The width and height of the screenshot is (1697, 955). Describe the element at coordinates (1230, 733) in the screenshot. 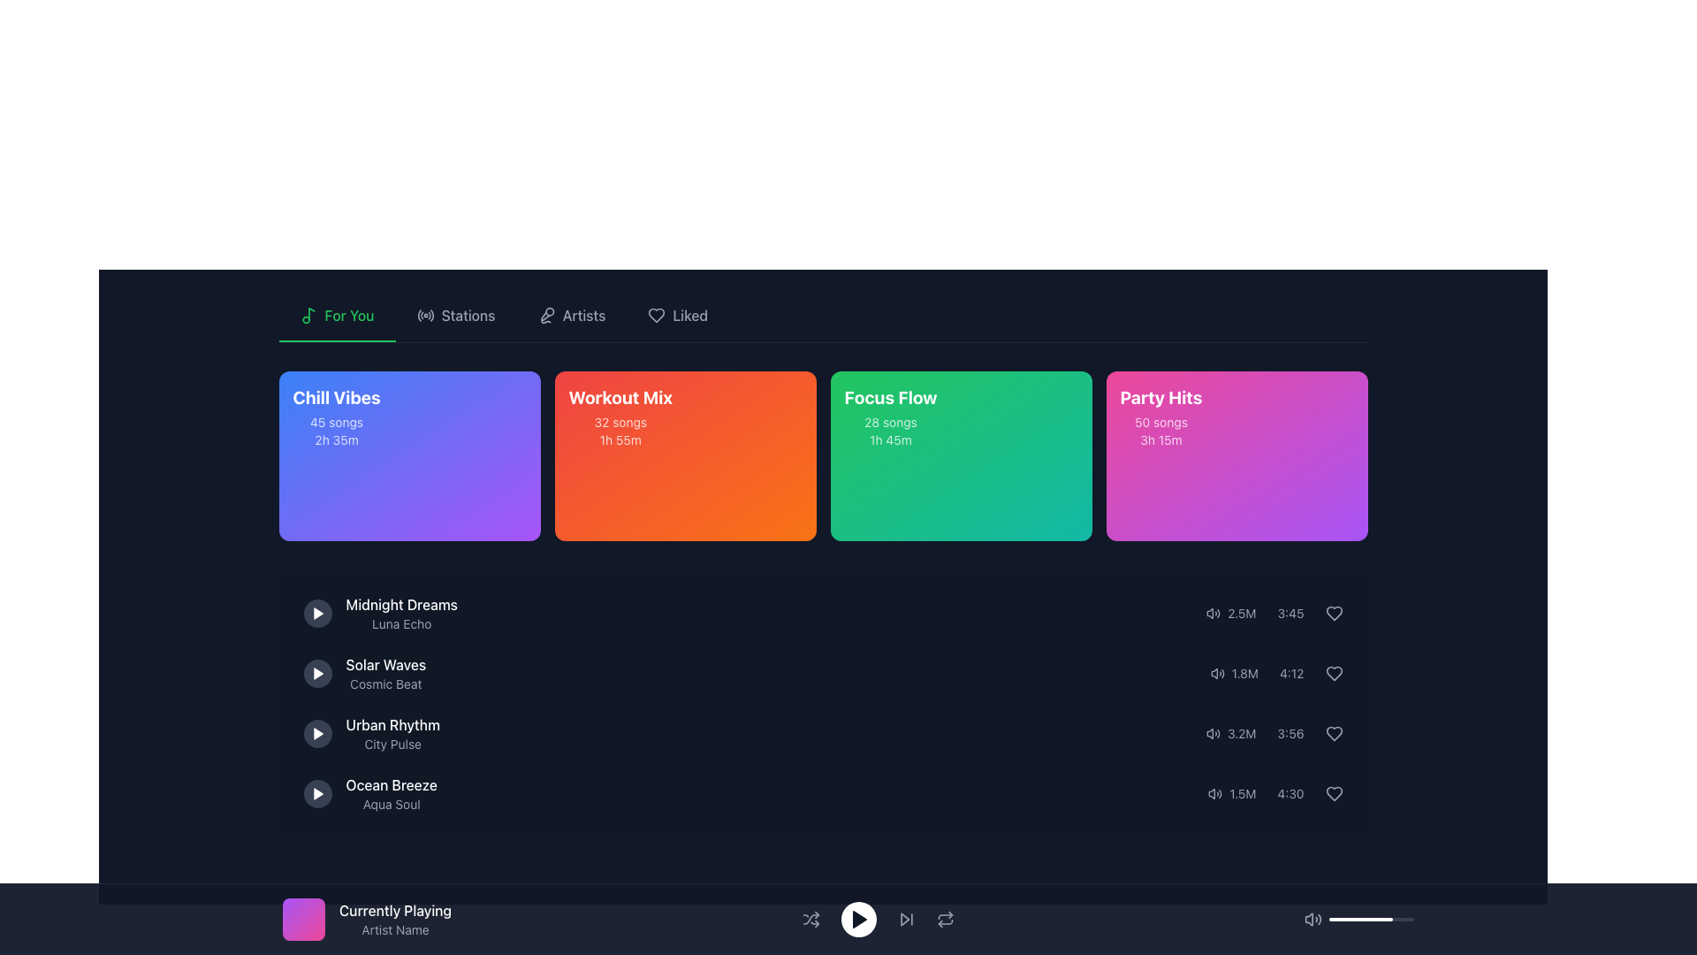

I see `the static text display reading '3.2M' which is styled in gray and is part of a horizontal arrangement with an audio icon to its left` at that location.